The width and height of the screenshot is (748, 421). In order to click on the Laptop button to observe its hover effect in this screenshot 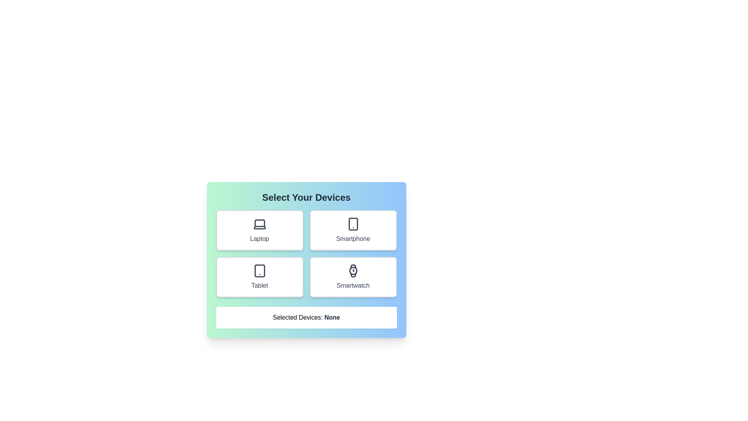, I will do `click(259, 230)`.